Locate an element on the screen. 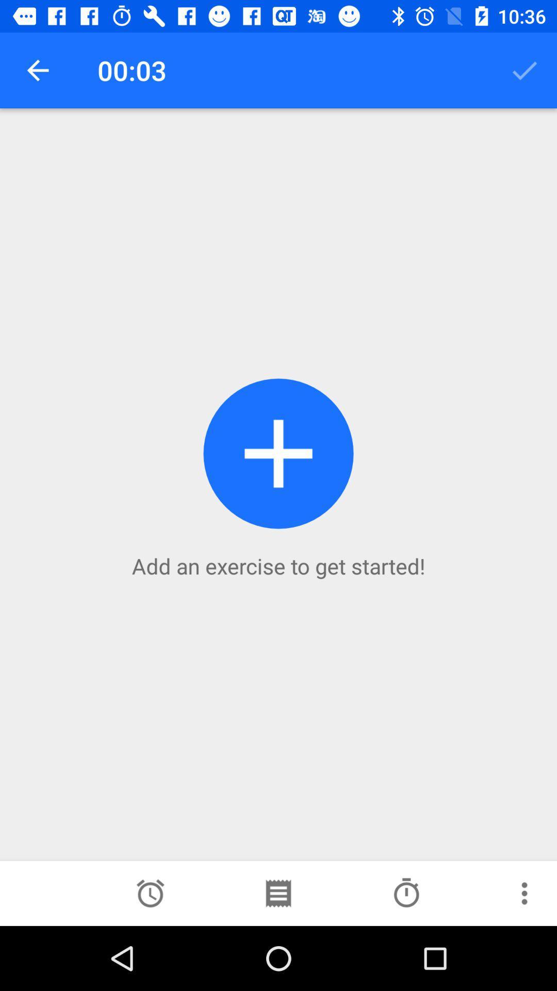 Image resolution: width=557 pixels, height=991 pixels. the icon next to 00:03 item is located at coordinates (37, 70).